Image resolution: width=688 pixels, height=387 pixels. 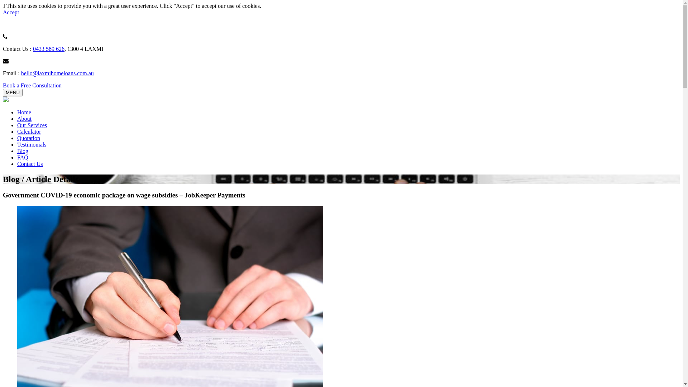 I want to click on '0433 589 626', so click(x=48, y=48).